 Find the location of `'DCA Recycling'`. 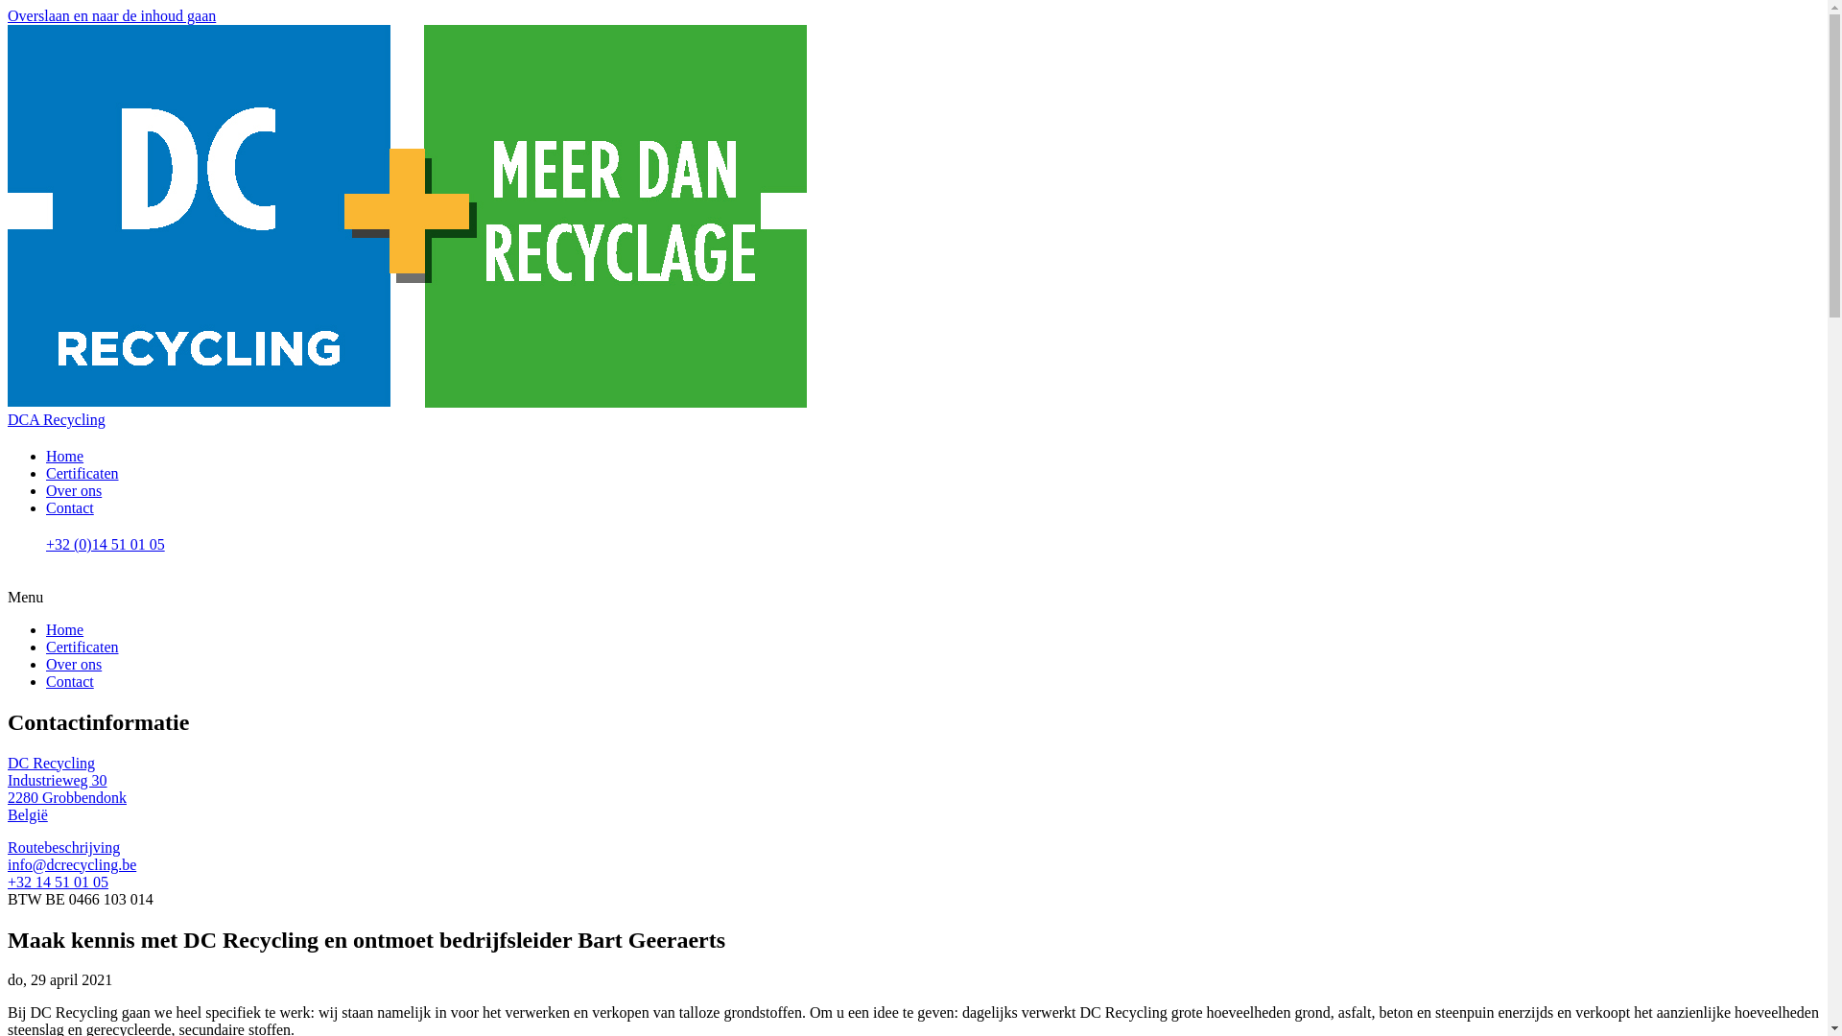

'DCA Recycling' is located at coordinates (56, 418).